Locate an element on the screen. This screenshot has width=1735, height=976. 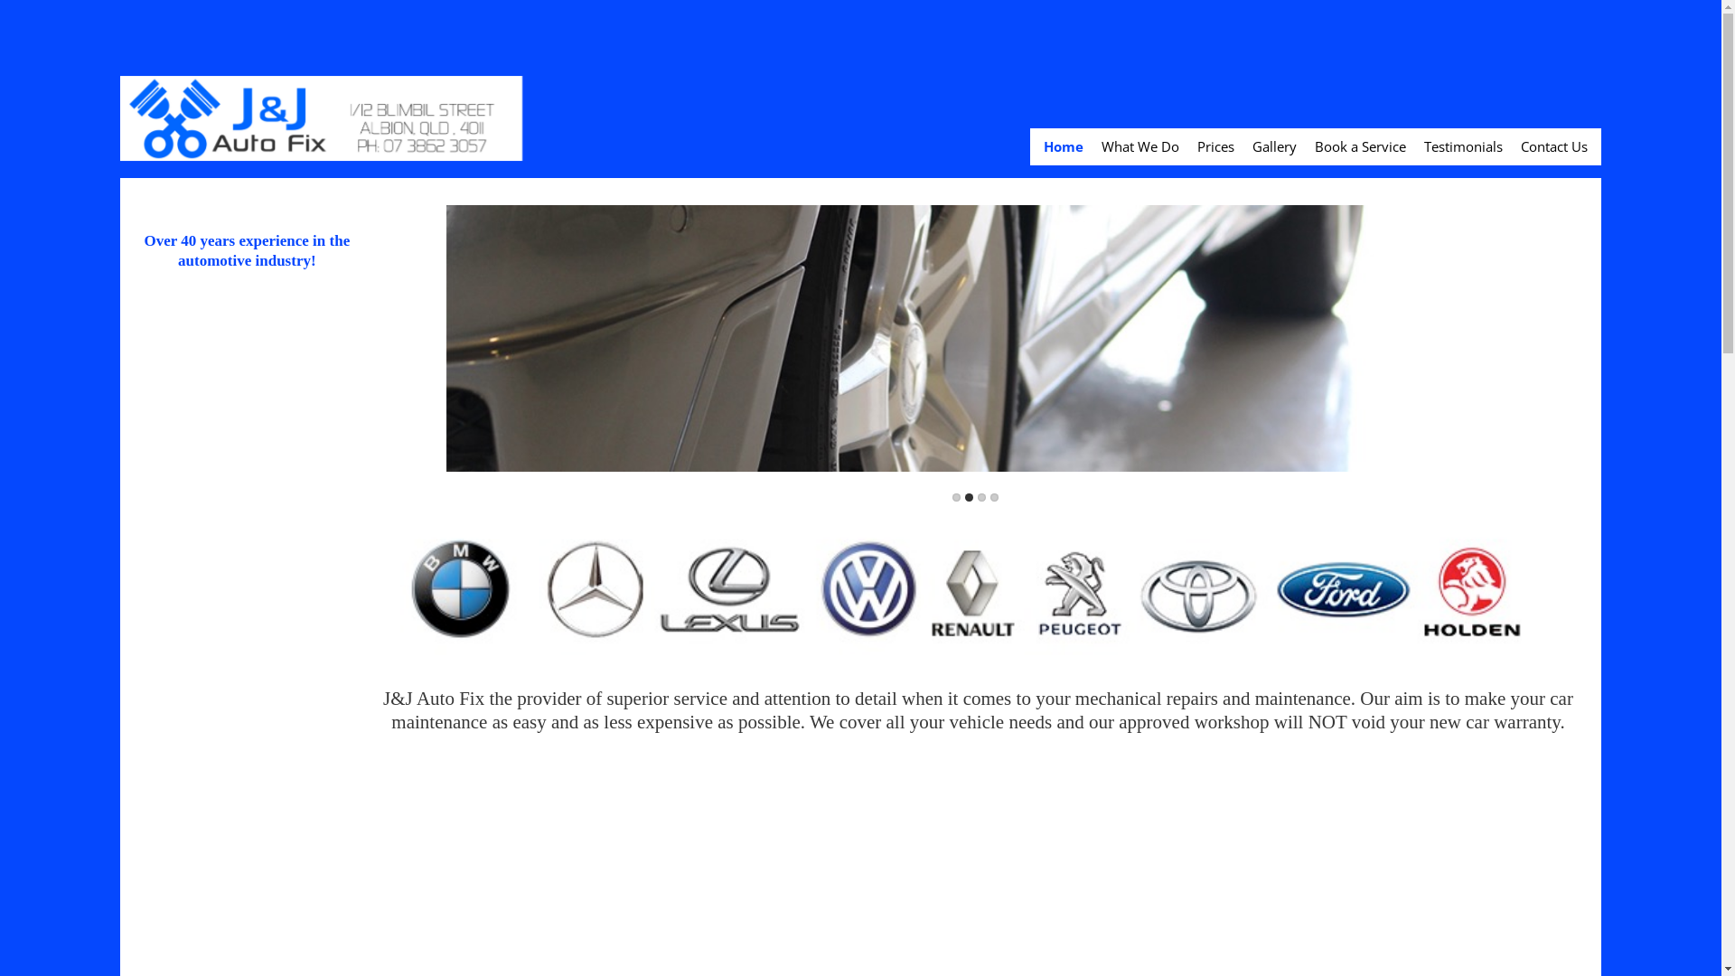
'What We Do' is located at coordinates (1101, 145).